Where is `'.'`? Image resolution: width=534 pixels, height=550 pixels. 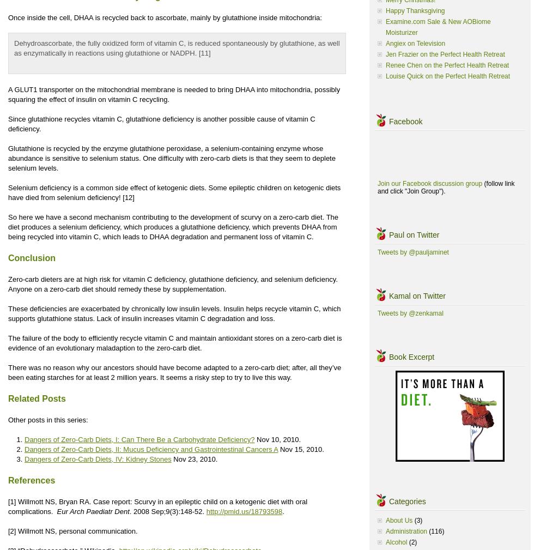 '.' is located at coordinates (283, 511).